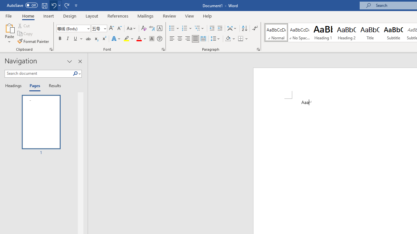 The height and width of the screenshot is (234, 417). What do you see at coordinates (258, 49) in the screenshot?
I see `'Paragraph...'` at bounding box center [258, 49].